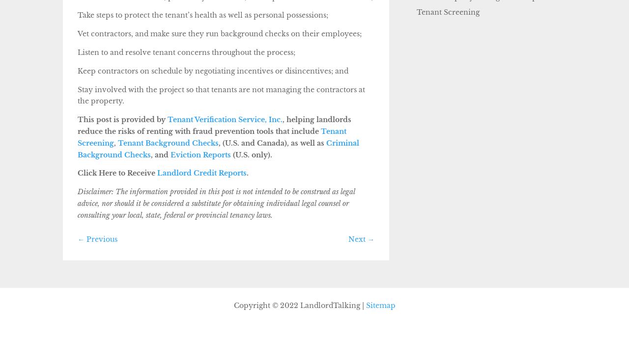 The height and width of the screenshot is (358, 629). Describe the element at coordinates (380, 305) in the screenshot. I see `'Sitemap'` at that location.